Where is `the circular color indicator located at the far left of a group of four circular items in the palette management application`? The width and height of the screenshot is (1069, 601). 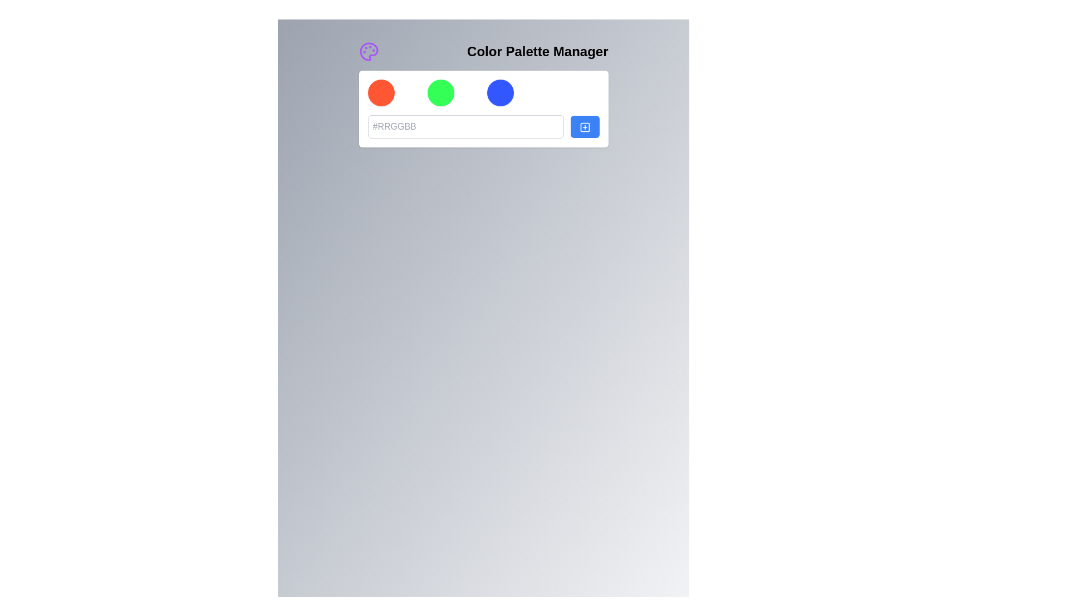 the circular color indicator located at the far left of a group of four circular items in the palette management application is located at coordinates (381, 92).